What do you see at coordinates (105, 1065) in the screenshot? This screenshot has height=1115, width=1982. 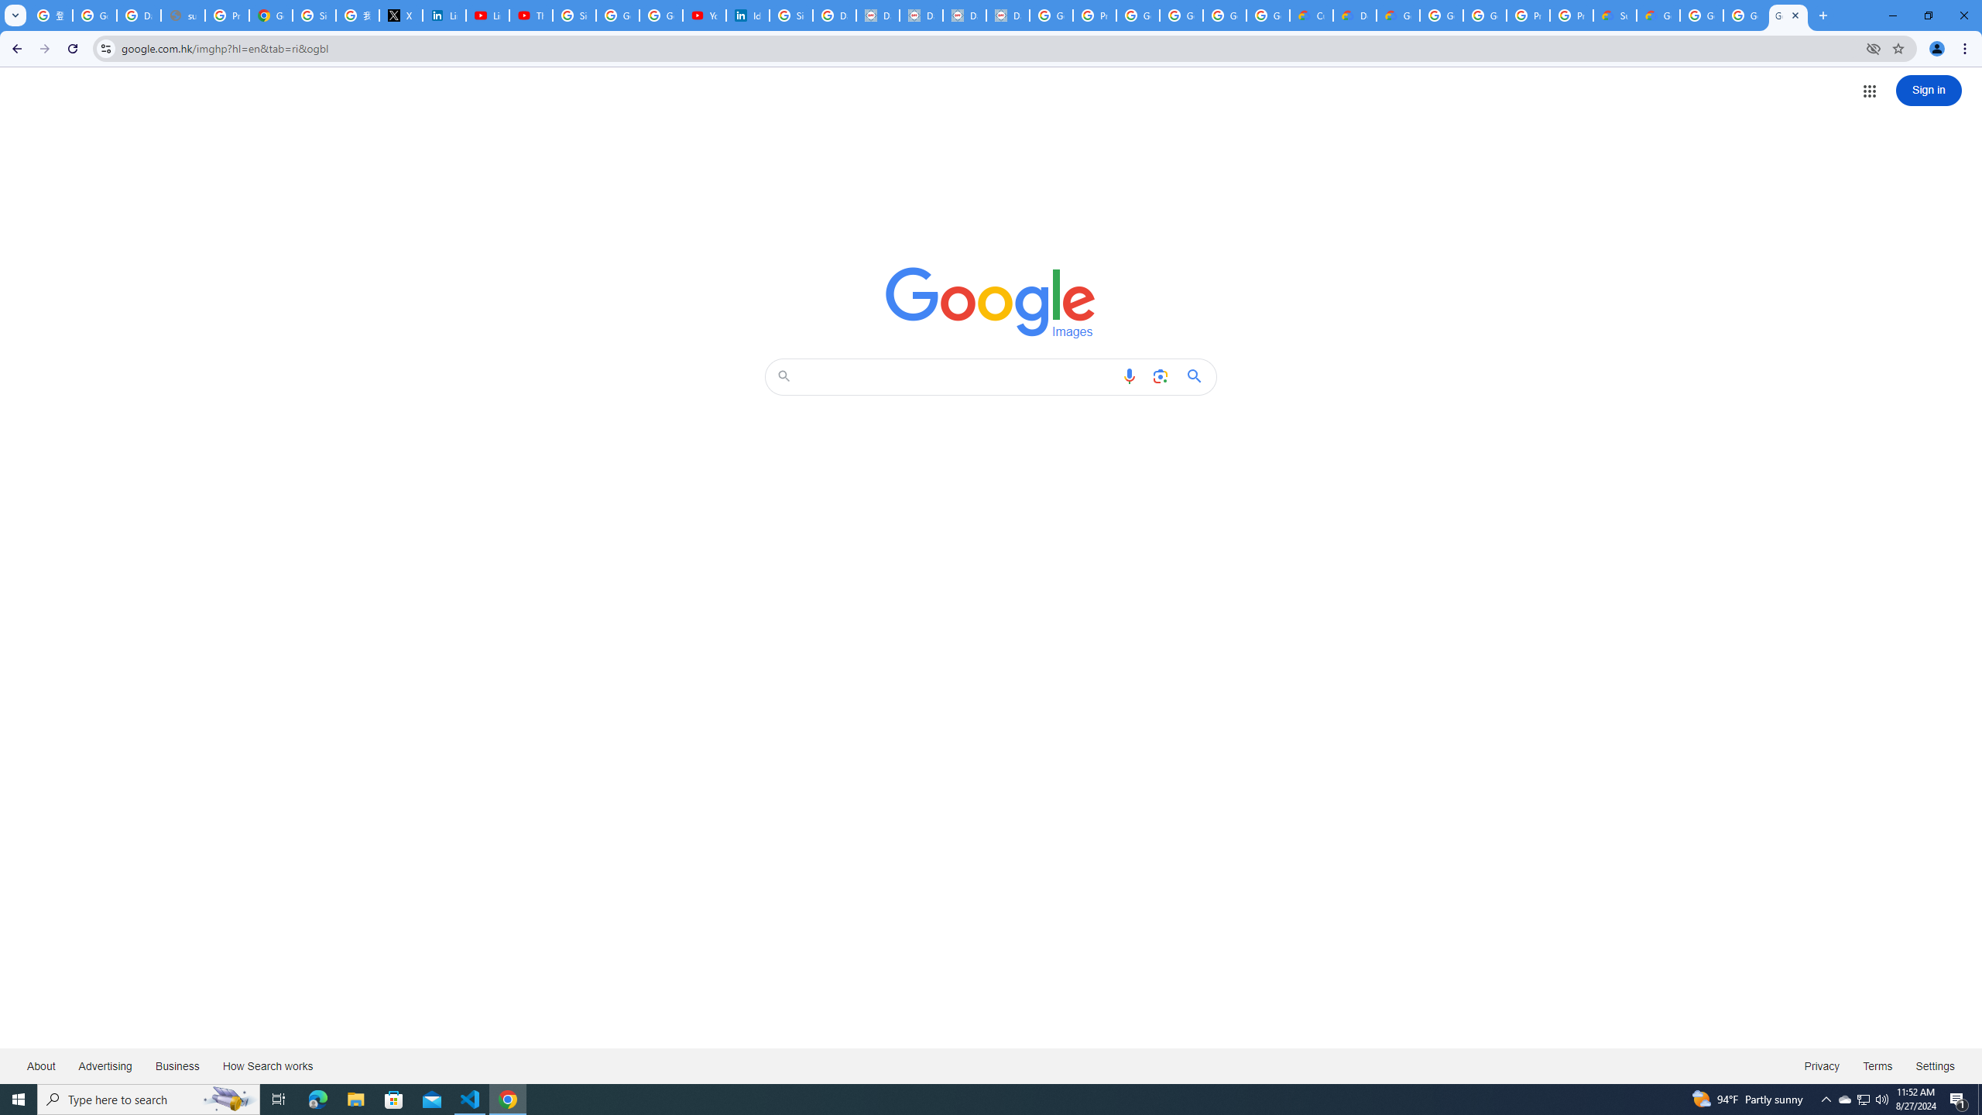 I see `'Advertising'` at bounding box center [105, 1065].